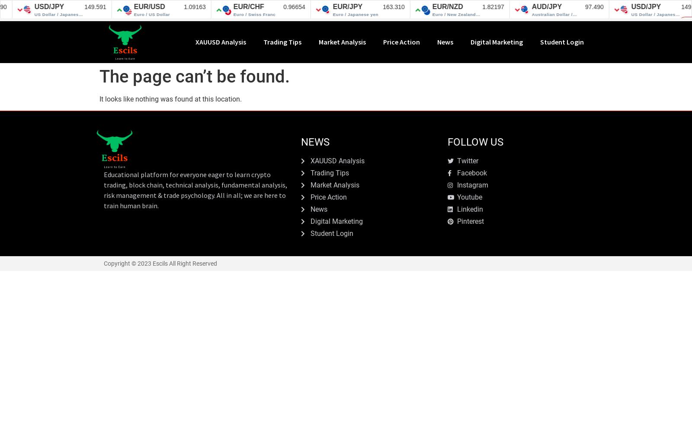  I want to click on 'Pinterest', so click(471, 221).